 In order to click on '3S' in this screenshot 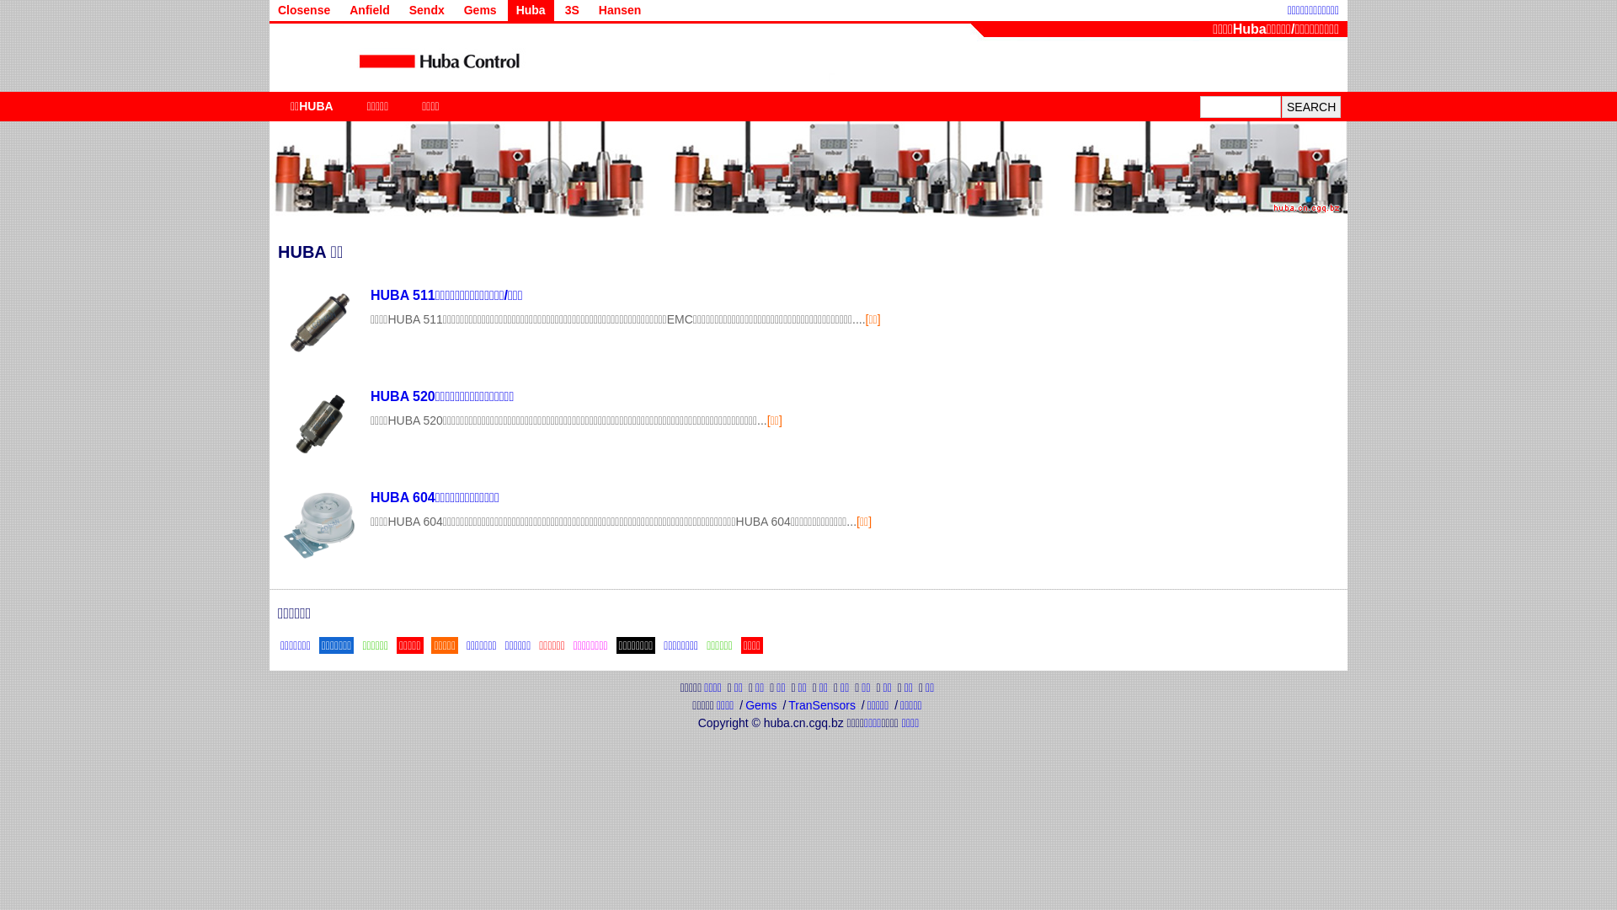, I will do `click(557, 10)`.